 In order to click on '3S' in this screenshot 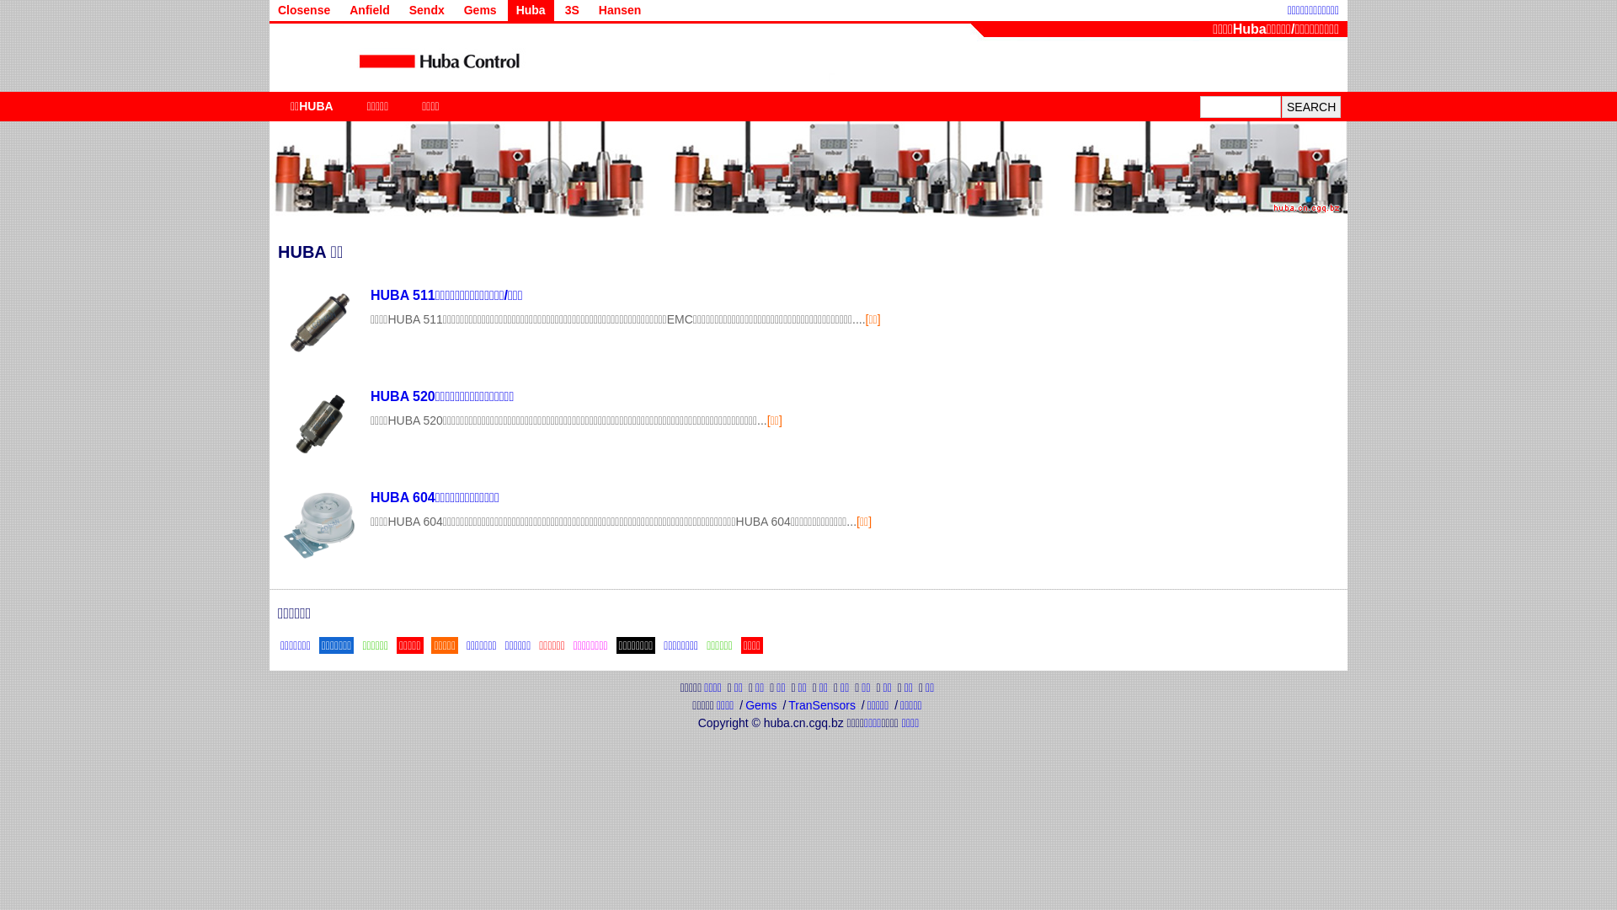, I will do `click(557, 10)`.